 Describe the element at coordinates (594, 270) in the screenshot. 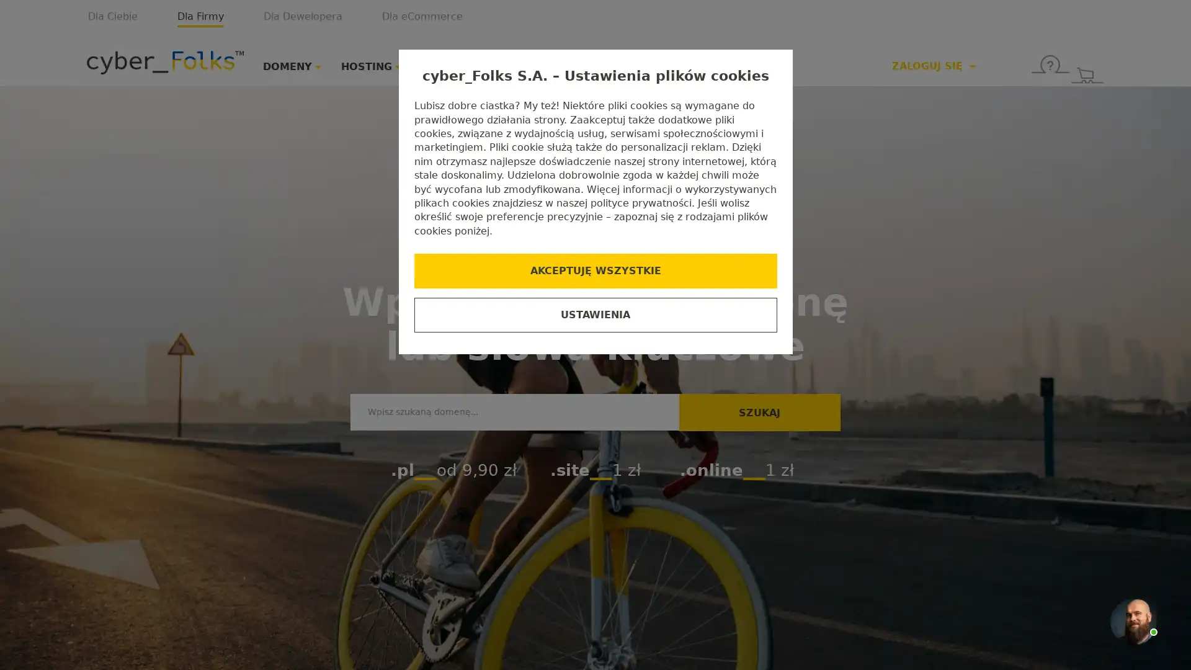

I see `AKCEPTUJE WSZYSTKIE` at that location.